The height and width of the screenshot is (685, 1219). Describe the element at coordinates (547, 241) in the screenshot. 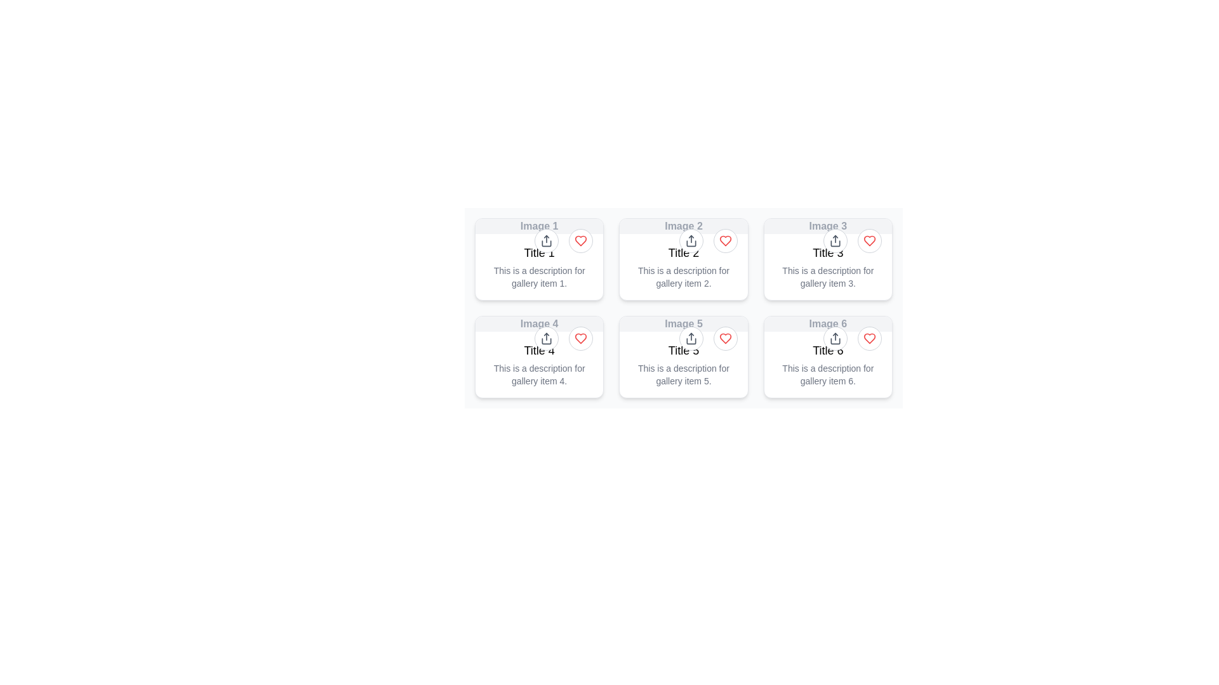

I see `the graphical icon styled as an upward arrow above 'Title 1' in the gallery grid` at that location.